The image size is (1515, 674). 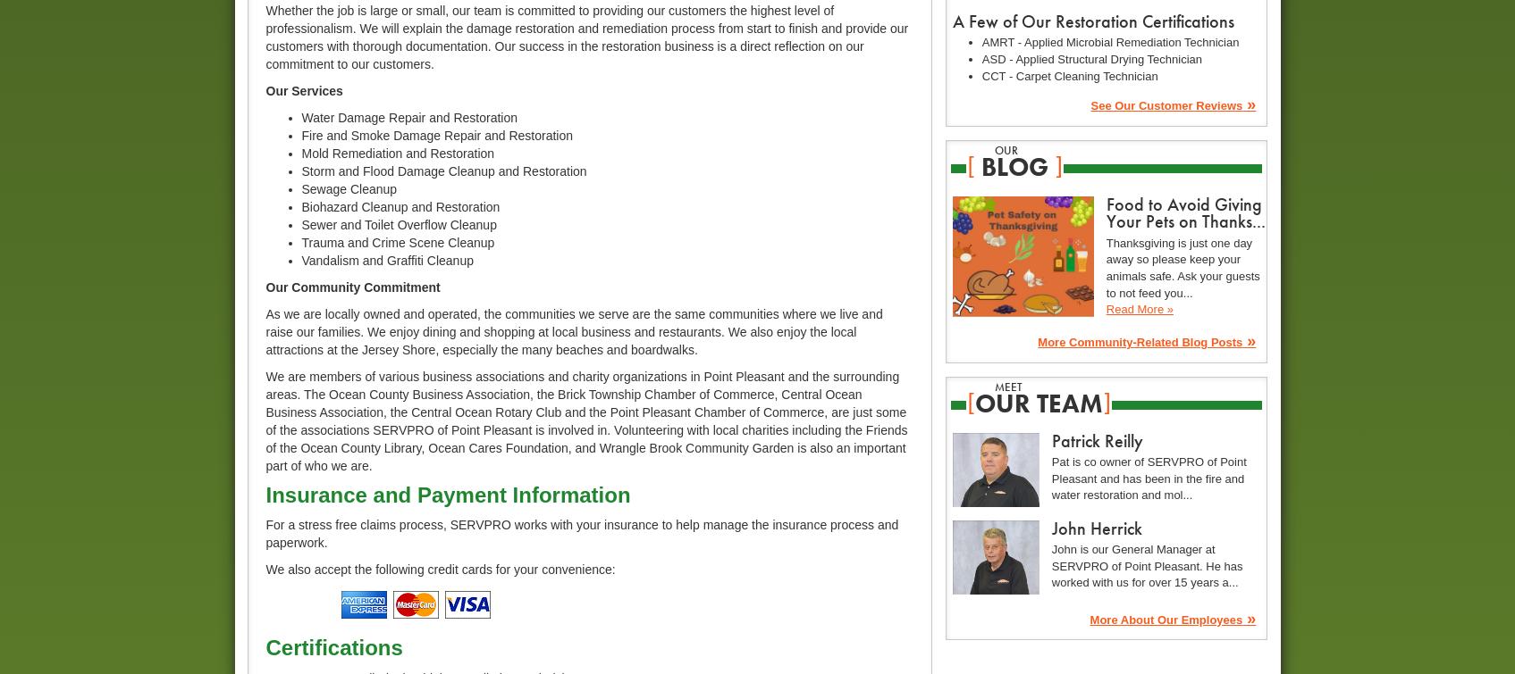 What do you see at coordinates (436, 135) in the screenshot?
I see `'Fire and Smoke Damage Repair and Restoration'` at bounding box center [436, 135].